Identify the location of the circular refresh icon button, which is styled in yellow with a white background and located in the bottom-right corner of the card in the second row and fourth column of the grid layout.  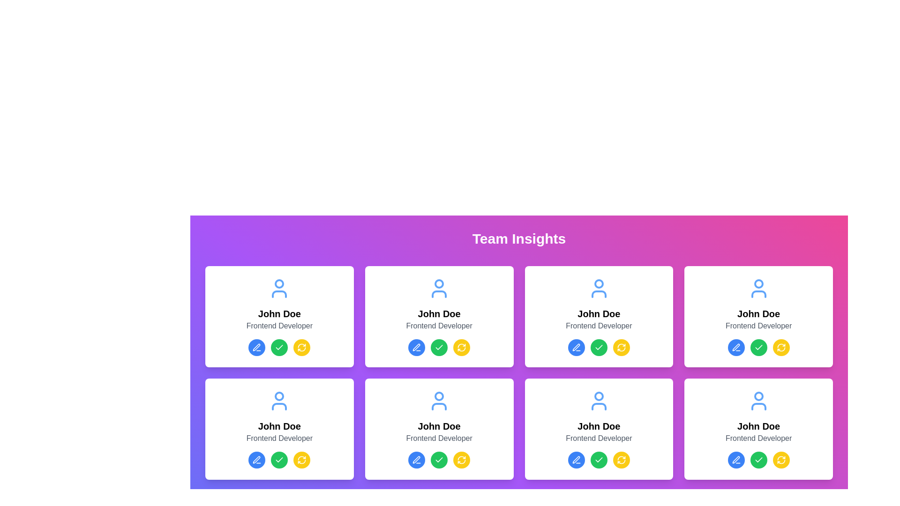
(781, 460).